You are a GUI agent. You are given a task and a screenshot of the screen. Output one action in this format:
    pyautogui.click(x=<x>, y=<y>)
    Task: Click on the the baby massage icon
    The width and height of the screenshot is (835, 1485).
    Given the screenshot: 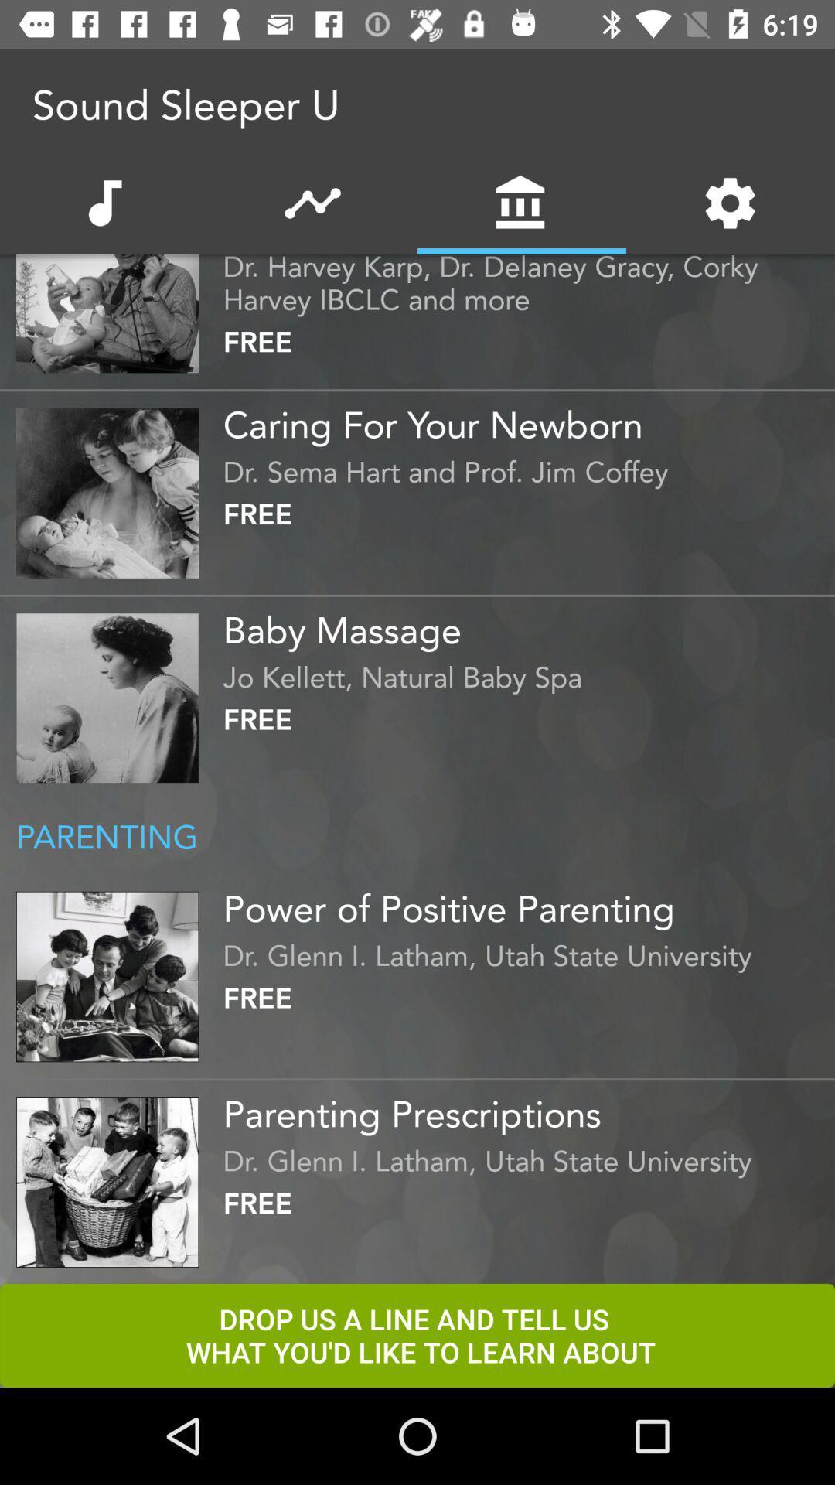 What is the action you would take?
    pyautogui.click(x=524, y=624)
    